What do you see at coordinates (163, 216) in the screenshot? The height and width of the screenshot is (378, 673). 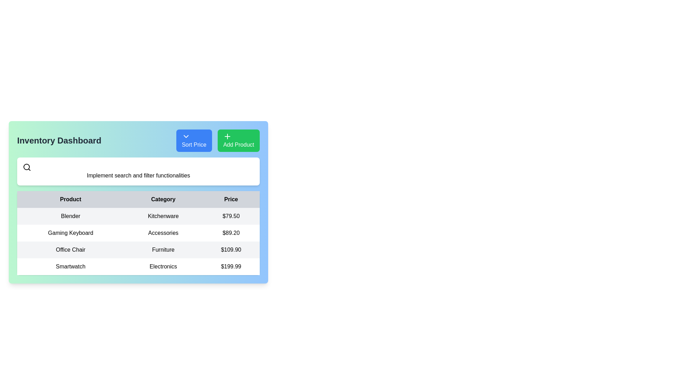 I see `text label that identifies the category associated with the product 'Blender', located in the second column entry of the row labeled 'Blender' within the table in the 'Category' column` at bounding box center [163, 216].